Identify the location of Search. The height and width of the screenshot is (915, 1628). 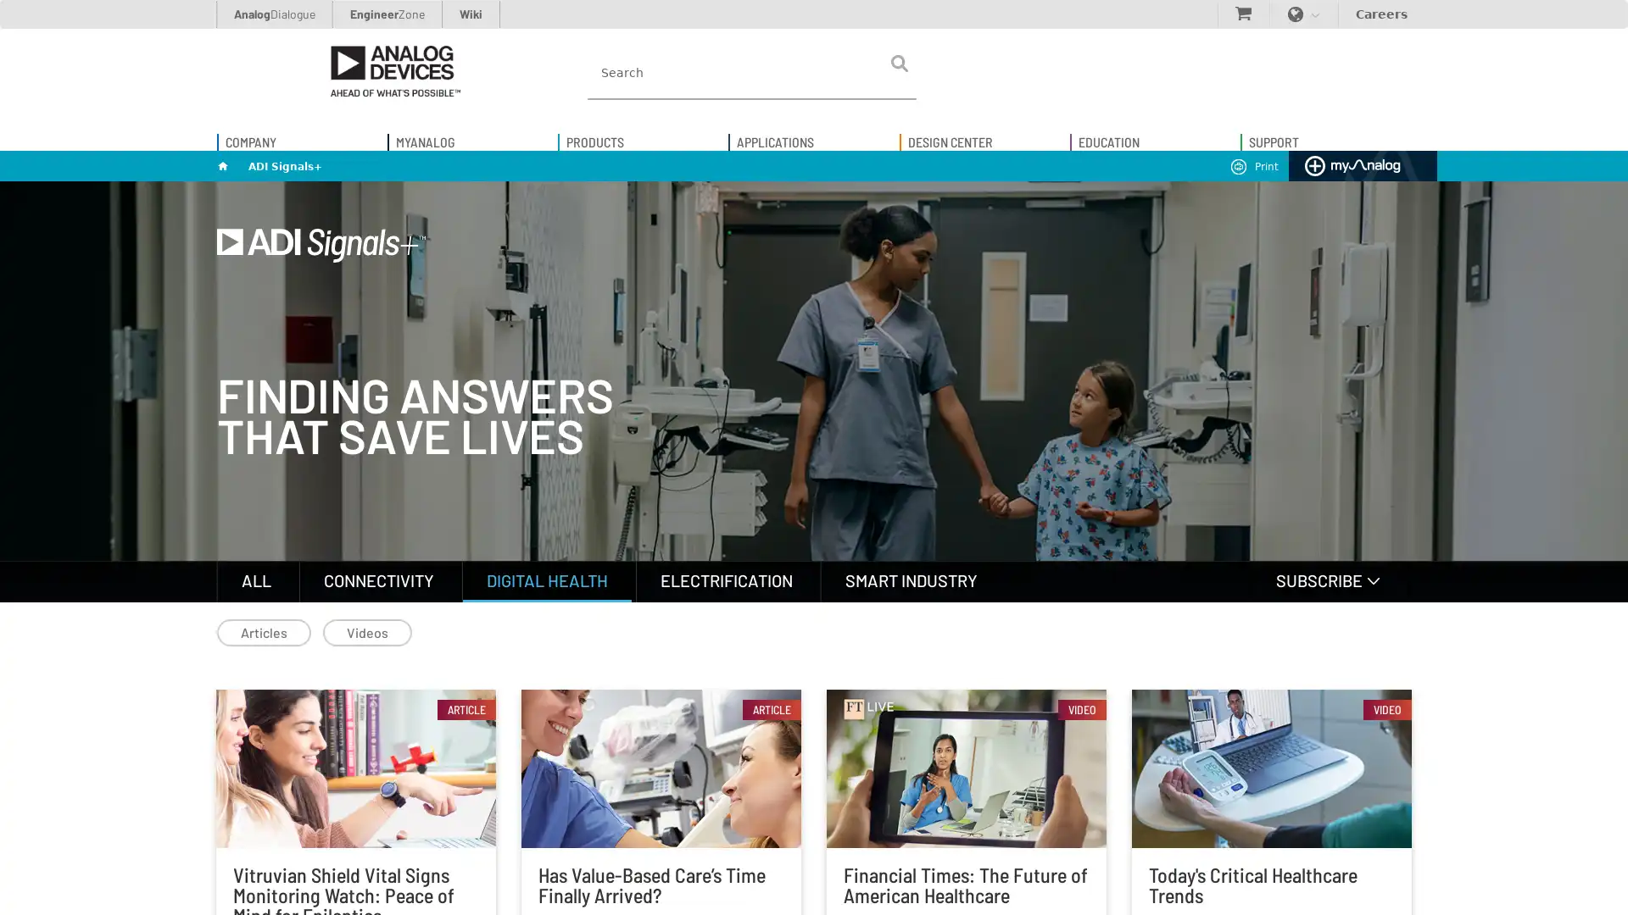
(898, 62).